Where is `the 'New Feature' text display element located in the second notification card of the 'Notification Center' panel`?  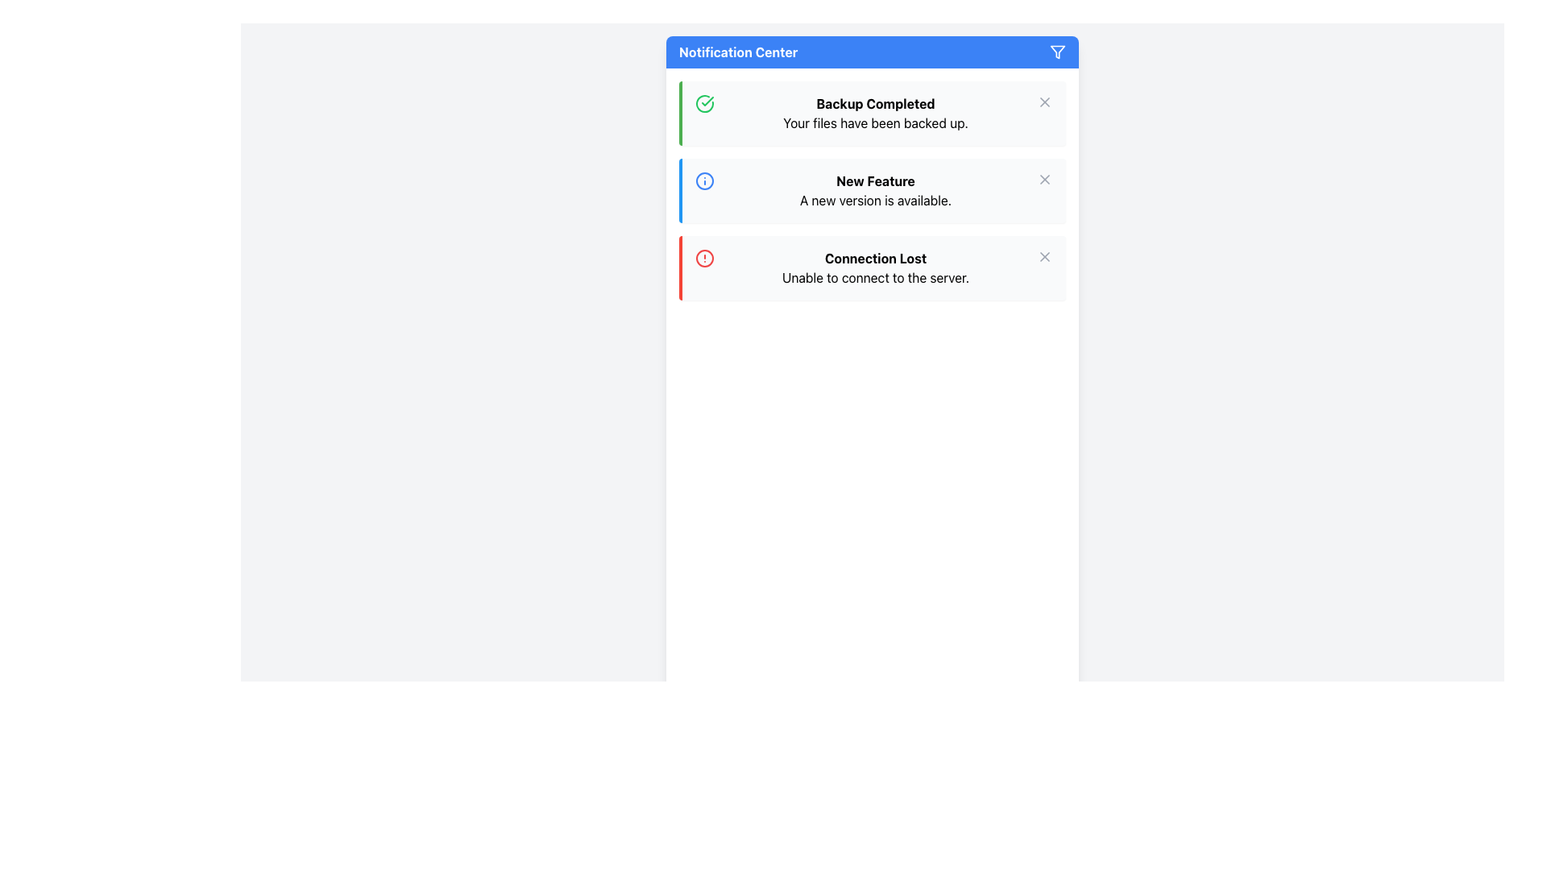 the 'New Feature' text display element located in the second notification card of the 'Notification Center' panel is located at coordinates (874, 189).